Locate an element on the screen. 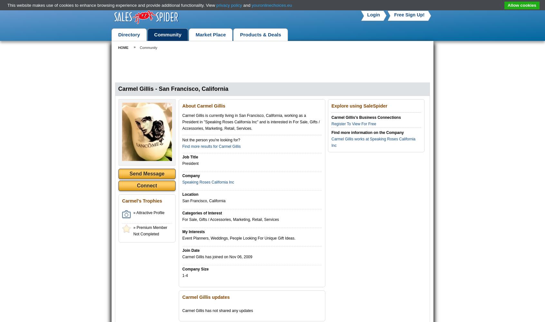 Image resolution: width=545 pixels, height=322 pixels. 'Community' is located at coordinates (139, 48).